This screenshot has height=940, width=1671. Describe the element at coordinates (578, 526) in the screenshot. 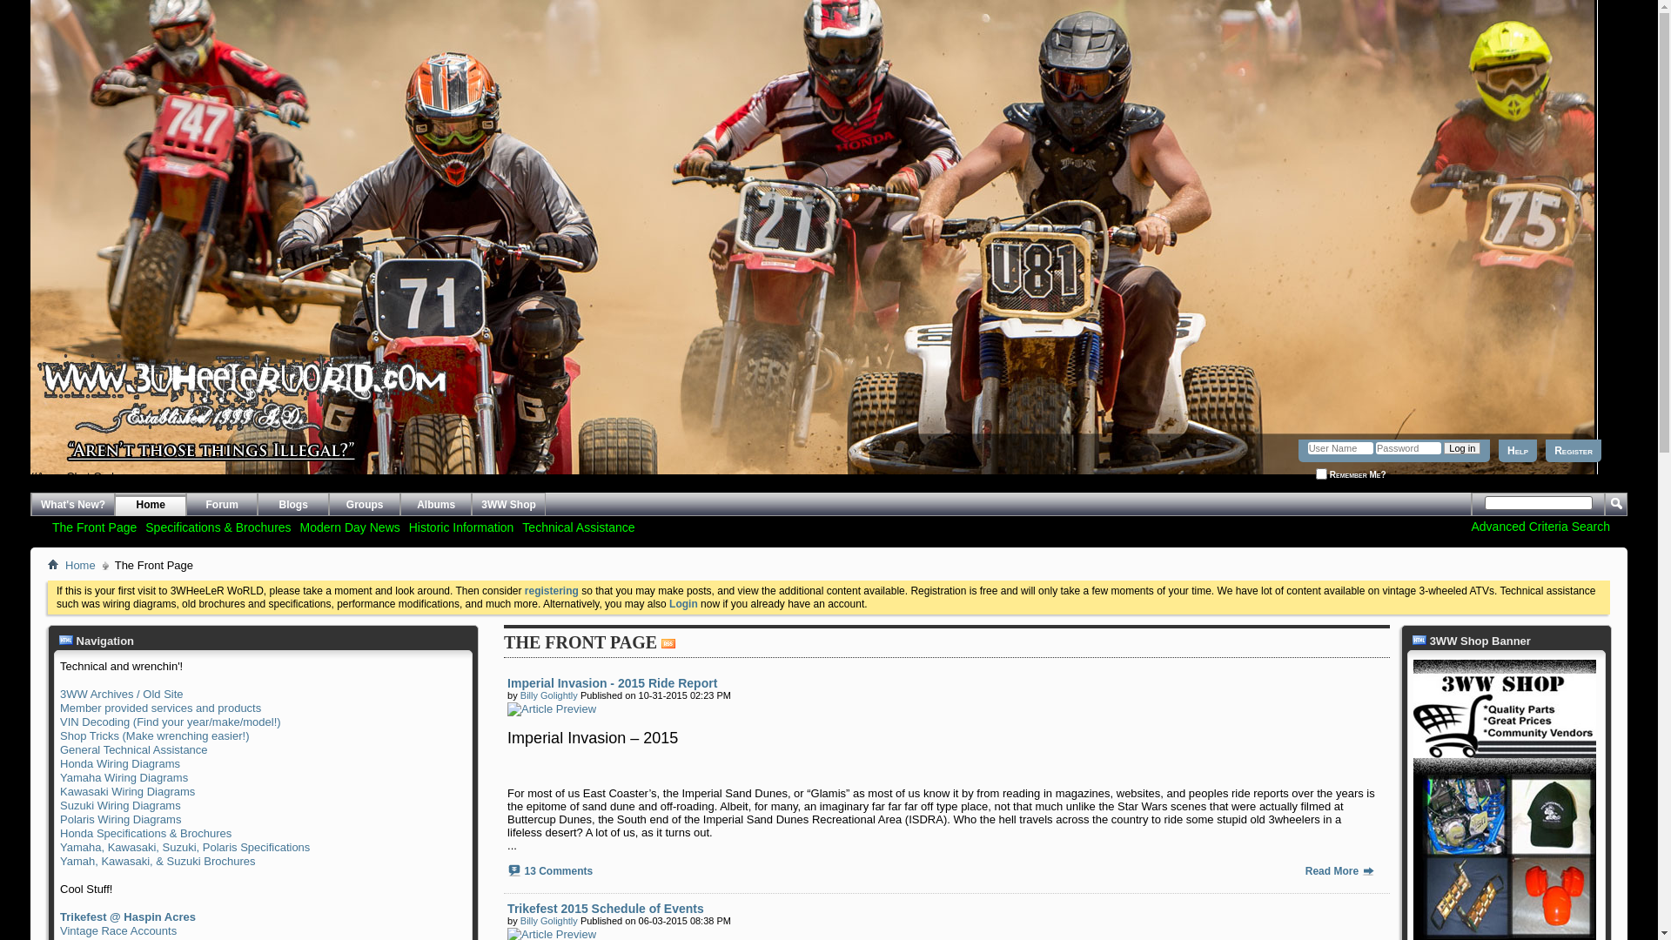

I see `'Technical Assistance'` at that location.